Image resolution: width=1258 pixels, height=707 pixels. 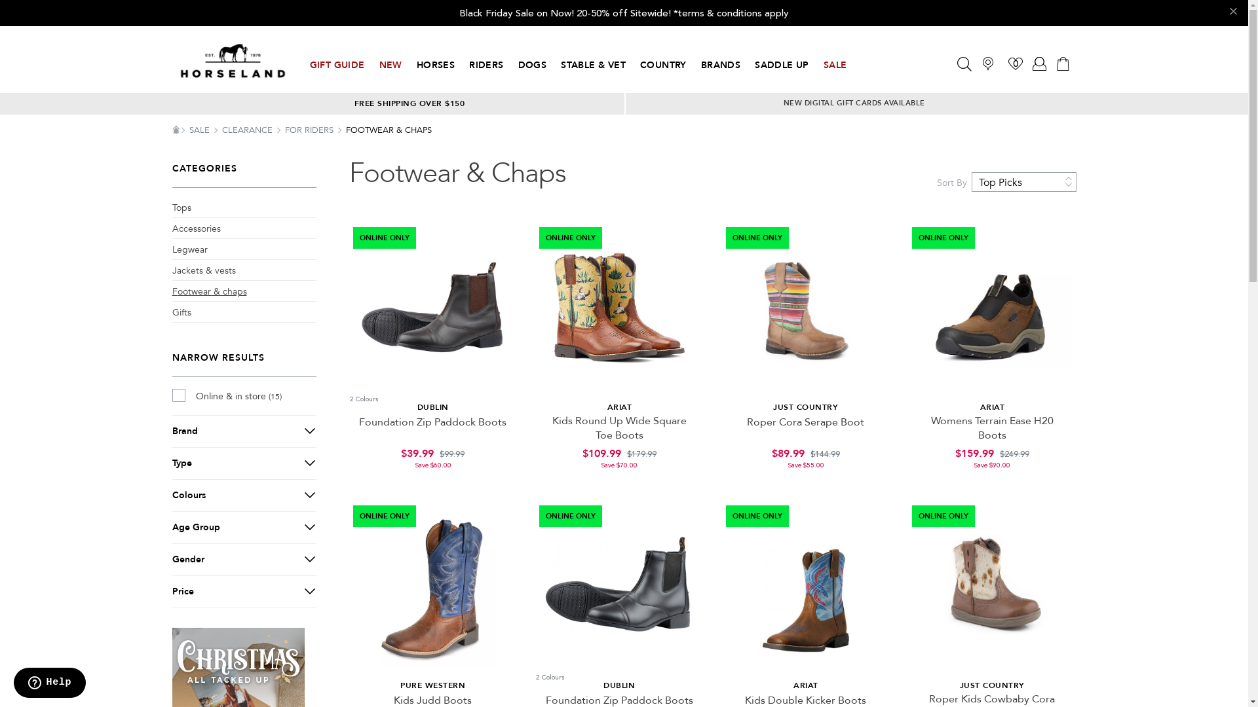 I want to click on 'Legwear', so click(x=171, y=249).